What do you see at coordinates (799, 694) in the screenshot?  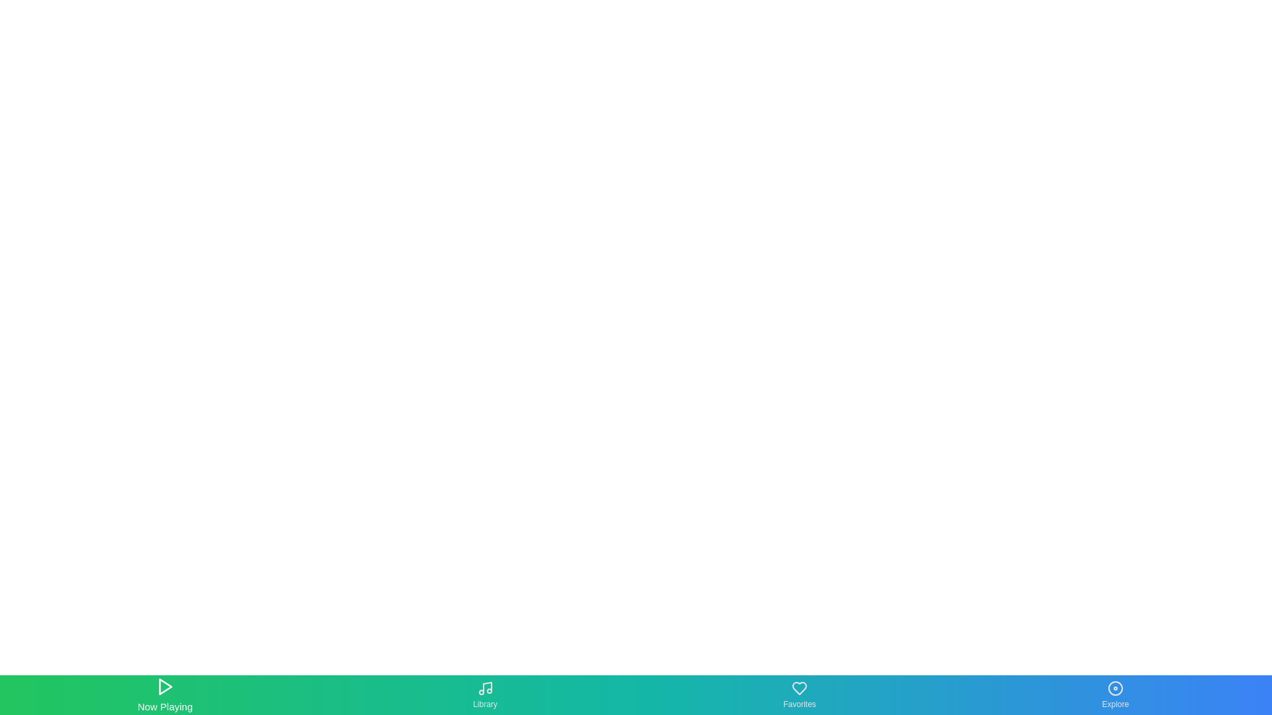 I see `the tab labeled Favorites to inspect its tooltip or label` at bounding box center [799, 694].